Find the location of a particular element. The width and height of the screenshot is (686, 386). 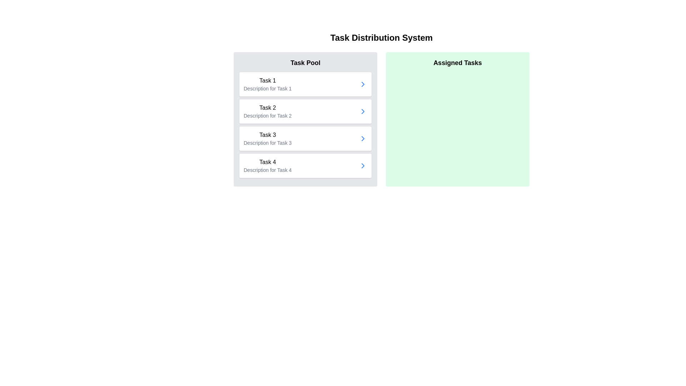

on the fourth task entry in the Task Pool section is located at coordinates (305, 165).